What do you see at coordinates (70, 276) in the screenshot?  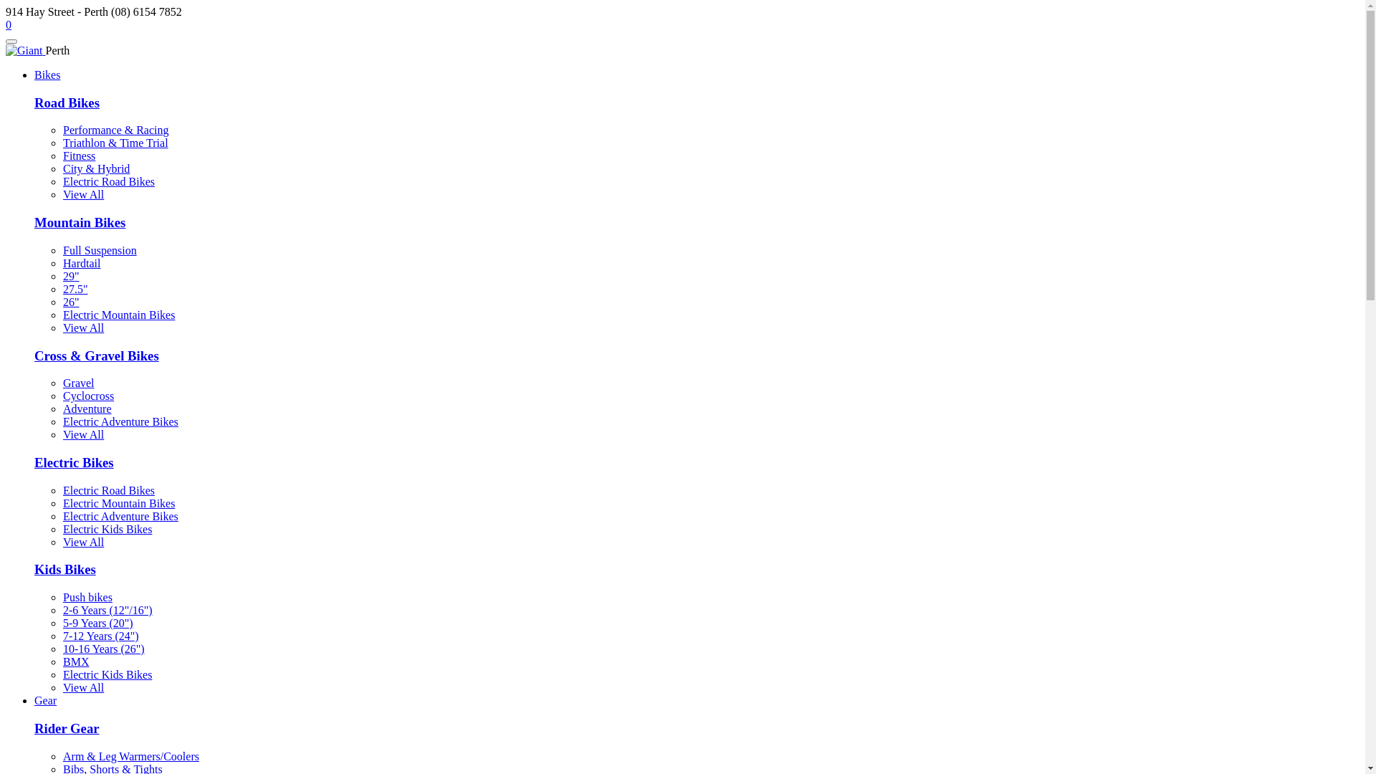 I see `'29"'` at bounding box center [70, 276].